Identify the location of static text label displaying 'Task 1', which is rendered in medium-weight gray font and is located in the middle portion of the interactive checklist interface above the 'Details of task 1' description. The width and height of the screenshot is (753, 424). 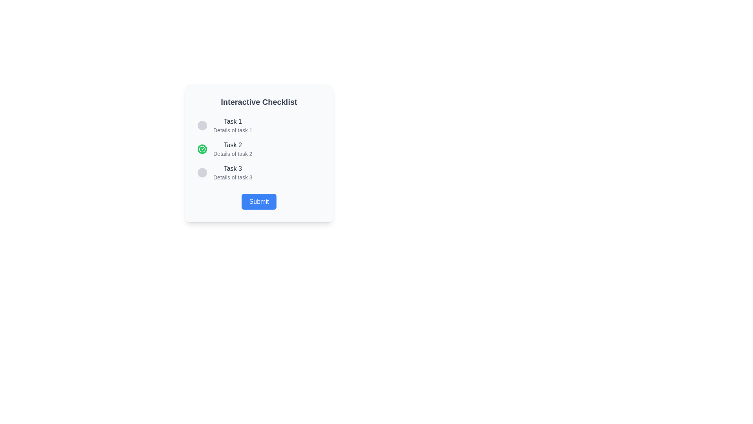
(232, 121).